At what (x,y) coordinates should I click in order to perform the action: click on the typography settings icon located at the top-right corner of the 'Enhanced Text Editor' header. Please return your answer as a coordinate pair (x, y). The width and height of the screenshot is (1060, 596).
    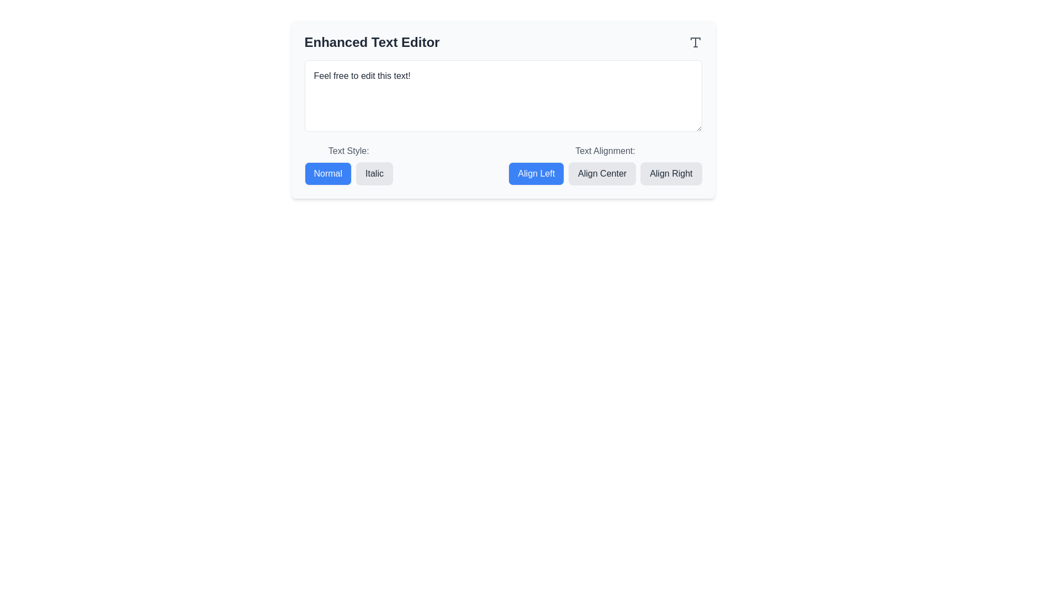
    Looking at the image, I should click on (695, 42).